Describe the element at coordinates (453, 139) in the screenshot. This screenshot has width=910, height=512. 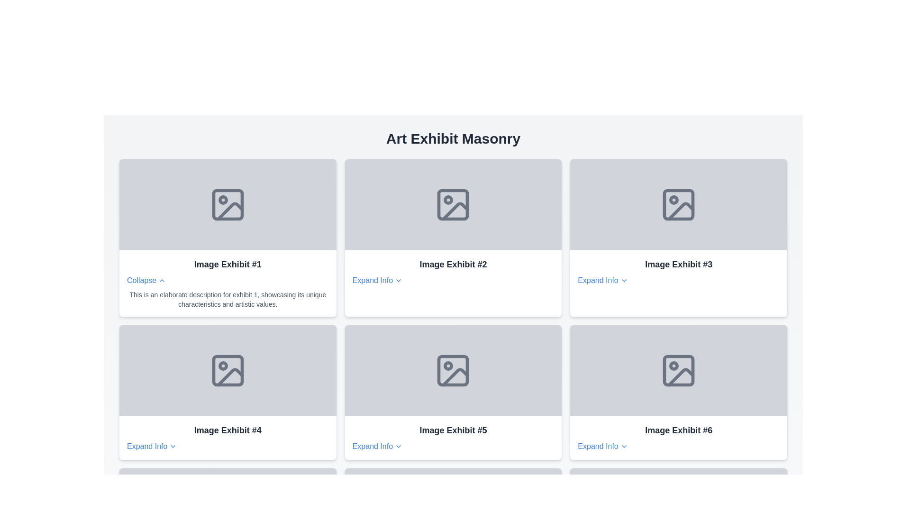
I see `the TextLabel that serves as the title of the page, summarizing the content related to art exhibit masonry, located at the top center of the page` at that location.